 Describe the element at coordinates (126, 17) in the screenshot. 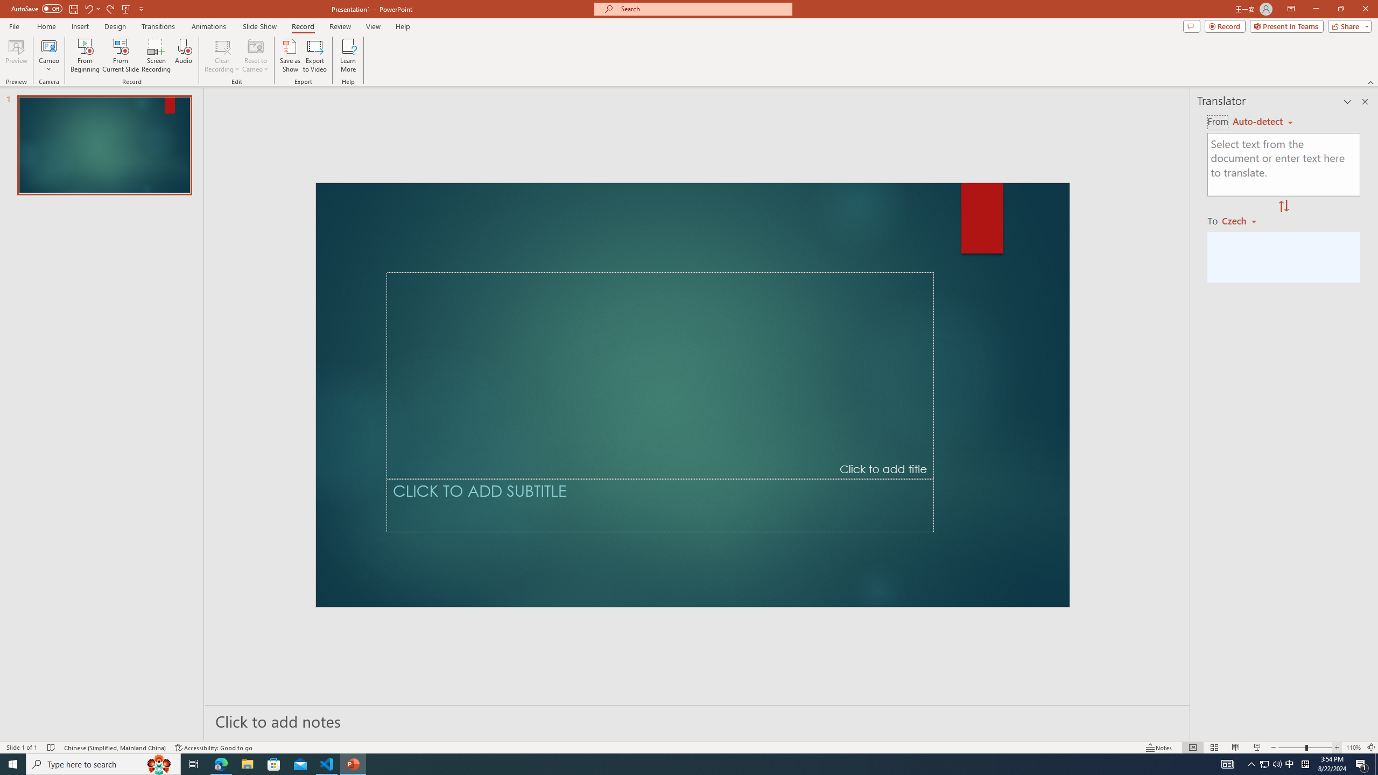

I see `'Quick Access Toolbar'` at that location.